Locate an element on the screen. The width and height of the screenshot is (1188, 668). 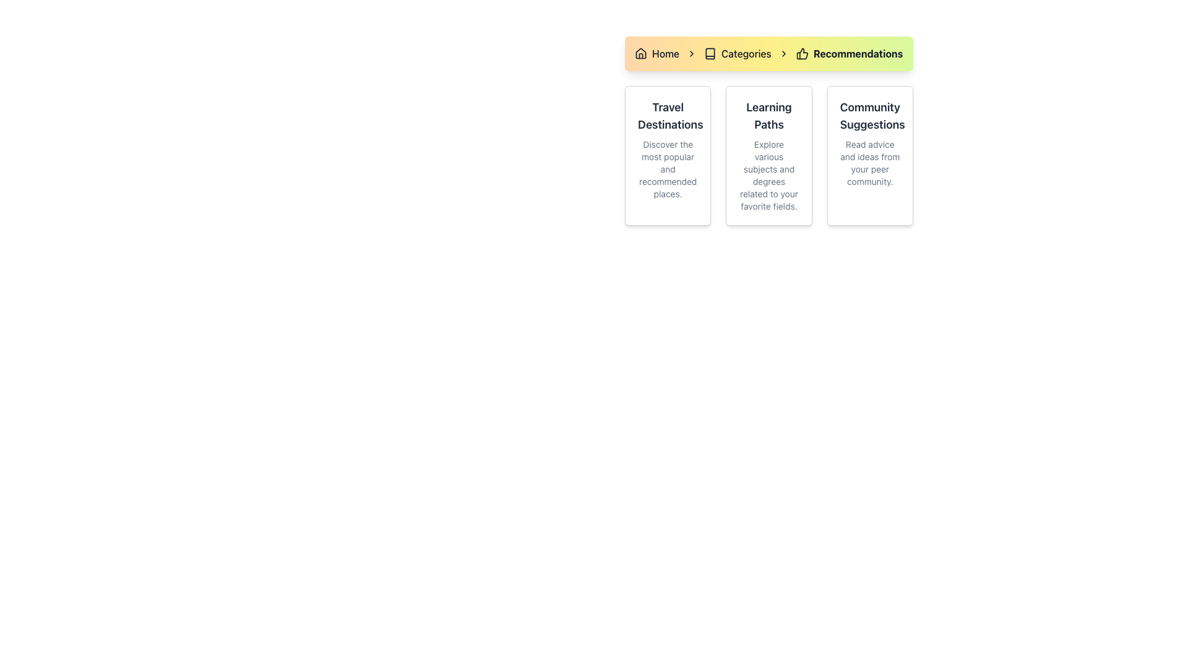
text content of the informative card or panel located at the center column of the interface, between the 'Travel Destinations' and 'Community Suggestions' sections is located at coordinates (768, 131).